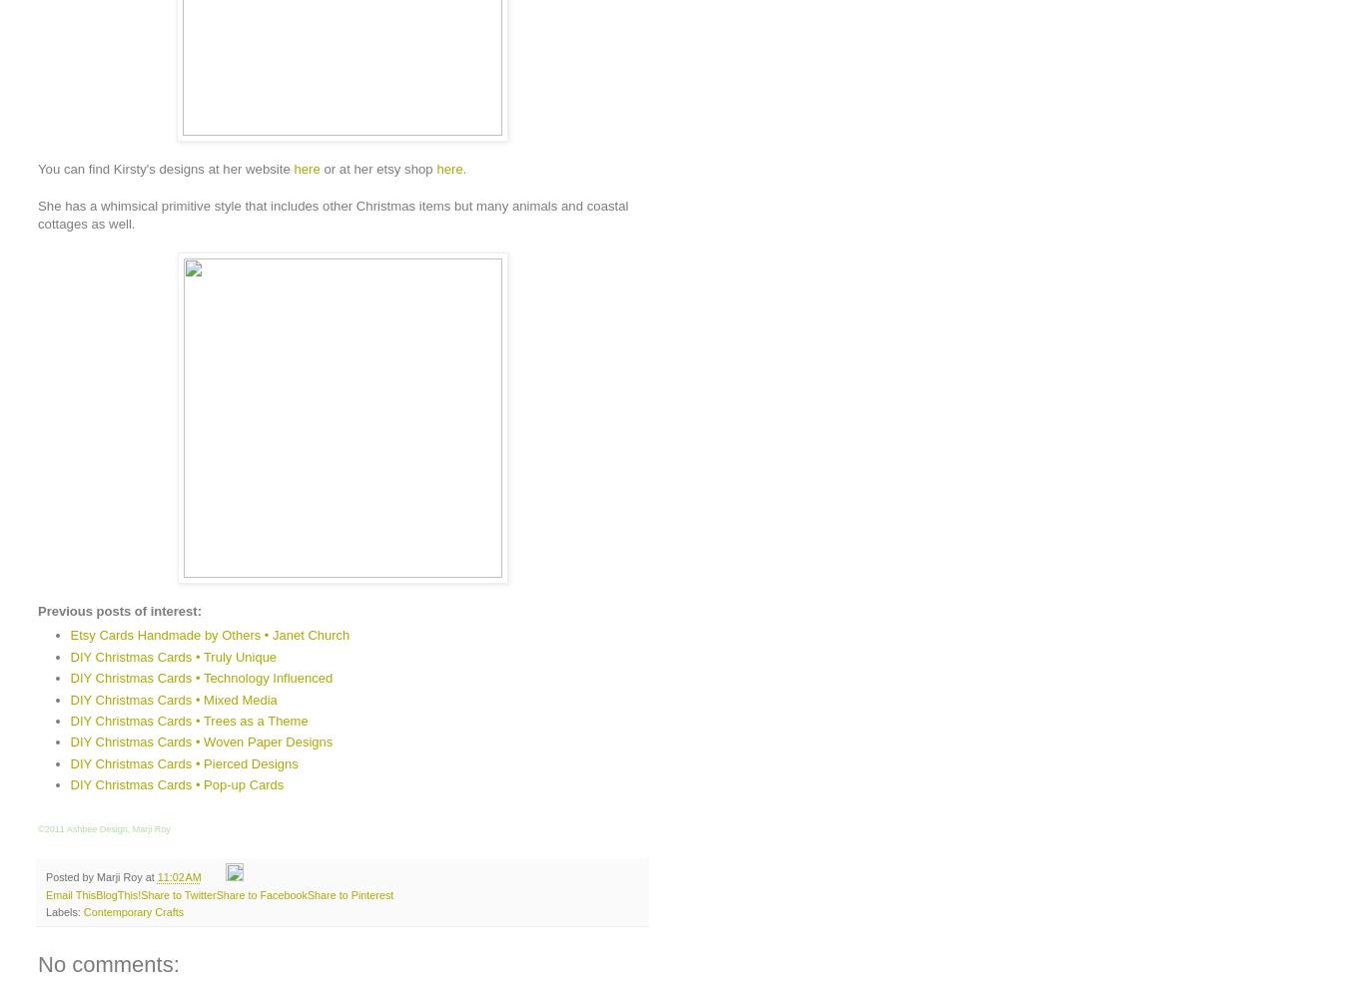  What do you see at coordinates (173, 698) in the screenshot?
I see `'DIY Christmas Cards • Mixed Media'` at bounding box center [173, 698].